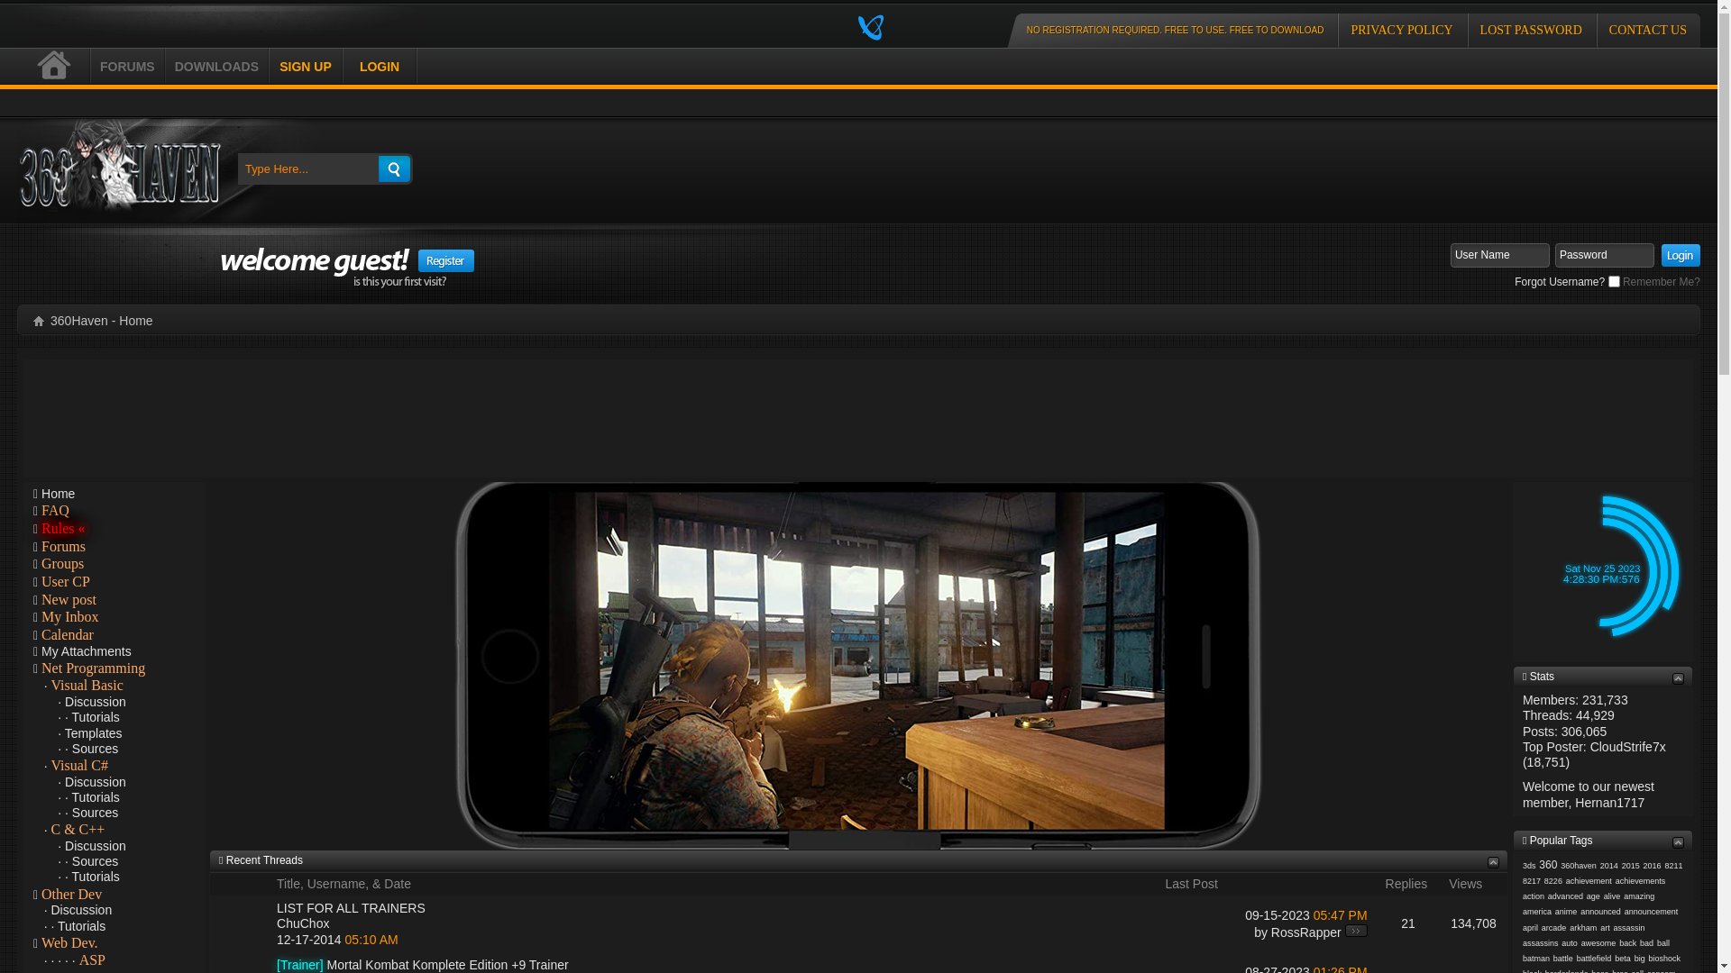 The height and width of the screenshot is (973, 1731). What do you see at coordinates (1560, 864) in the screenshot?
I see `'360haven'` at bounding box center [1560, 864].